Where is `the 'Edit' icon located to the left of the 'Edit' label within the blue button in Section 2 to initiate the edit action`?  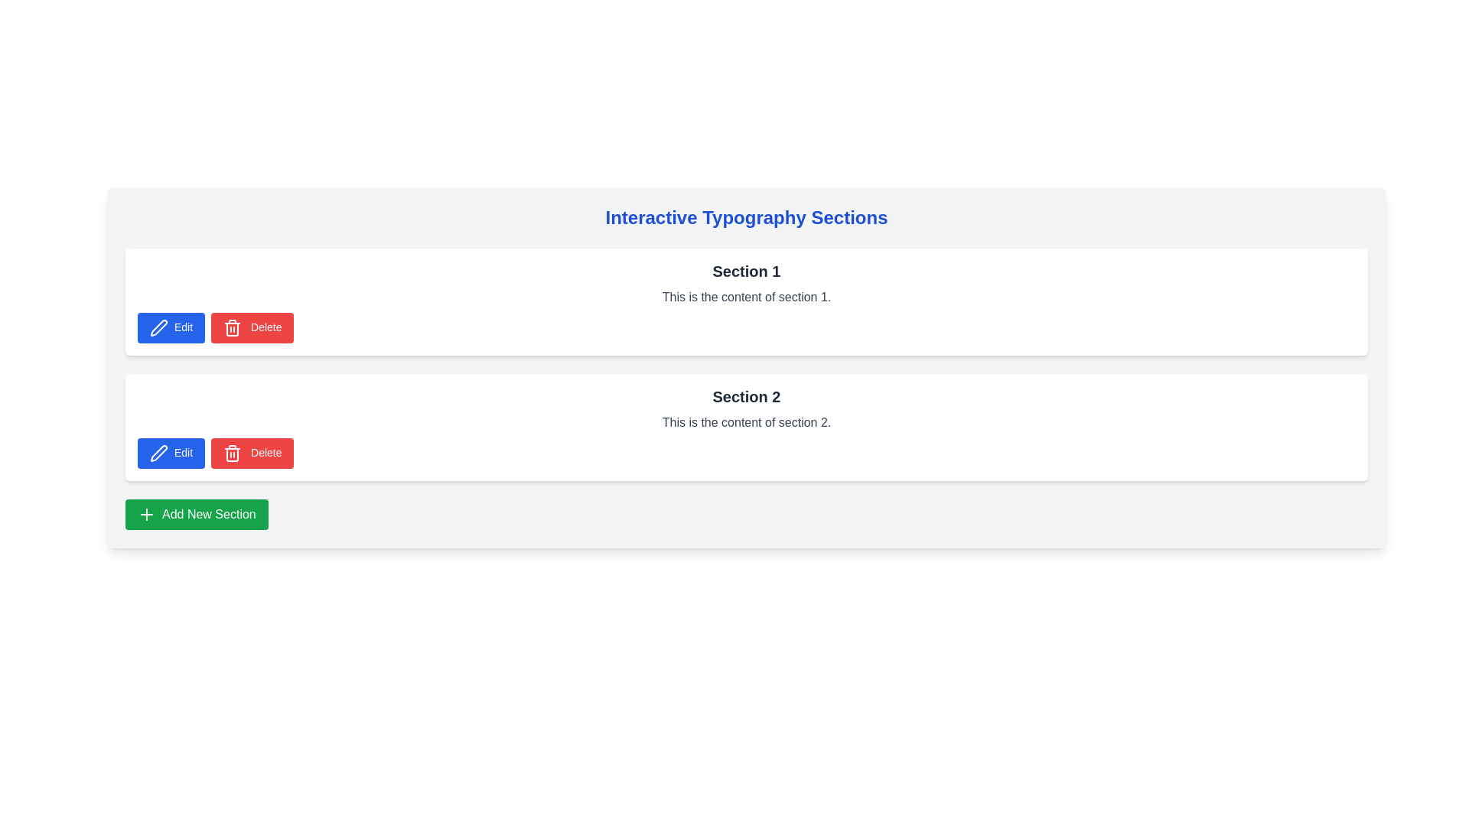
the 'Edit' icon located to the left of the 'Edit' label within the blue button in Section 2 to initiate the edit action is located at coordinates (158, 453).